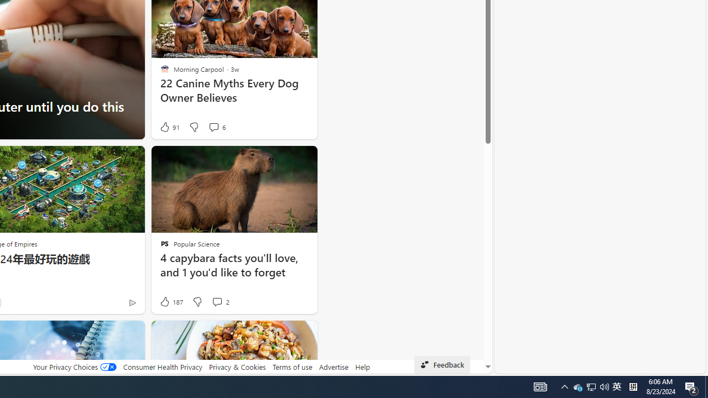 The width and height of the screenshot is (708, 398). Describe the element at coordinates (168, 127) in the screenshot. I see `'91 Like'` at that location.